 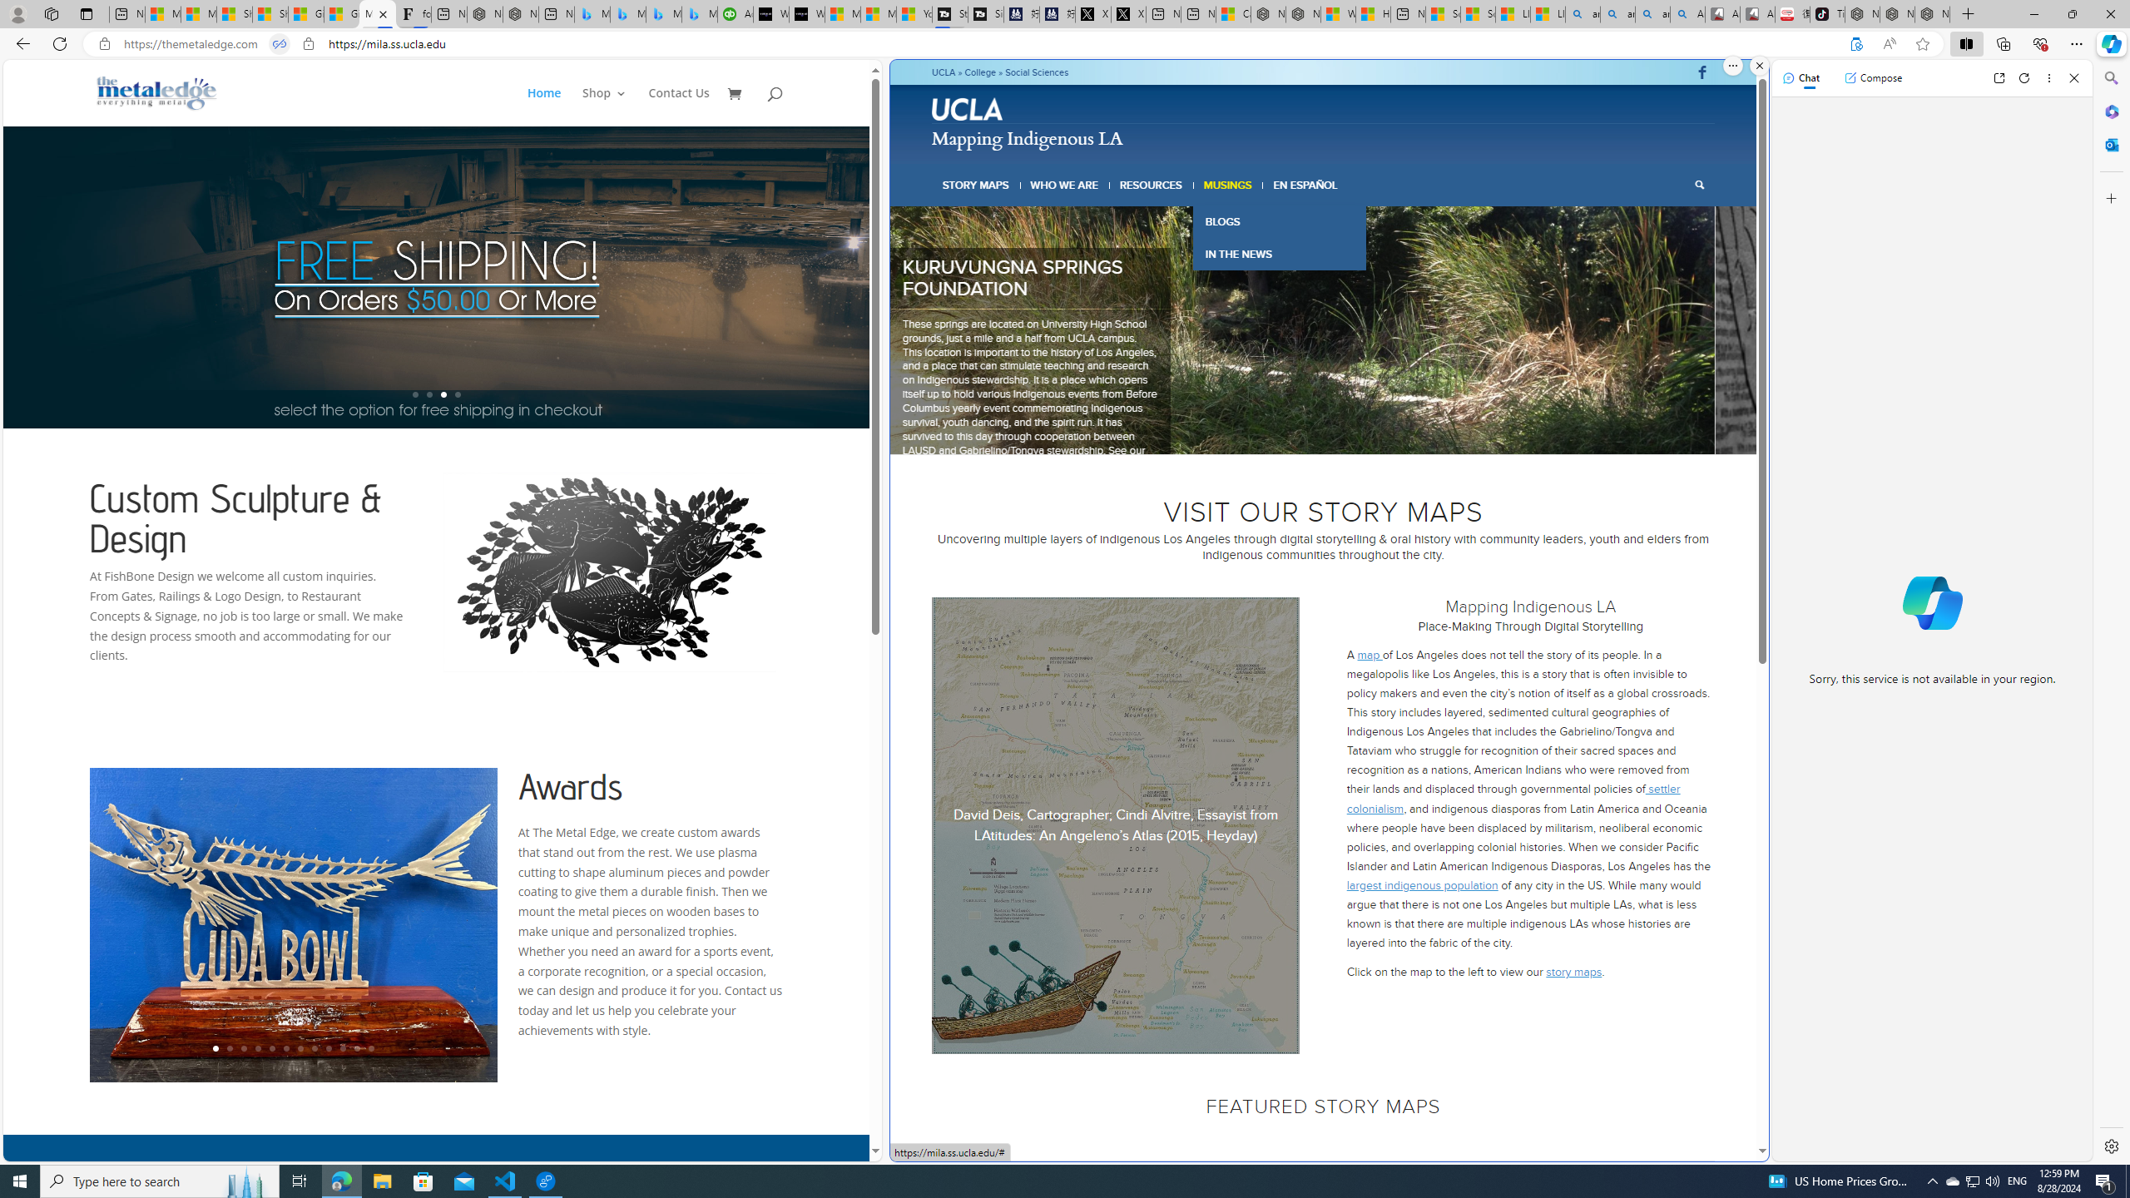 What do you see at coordinates (613, 106) in the screenshot?
I see `'Shop3'` at bounding box center [613, 106].